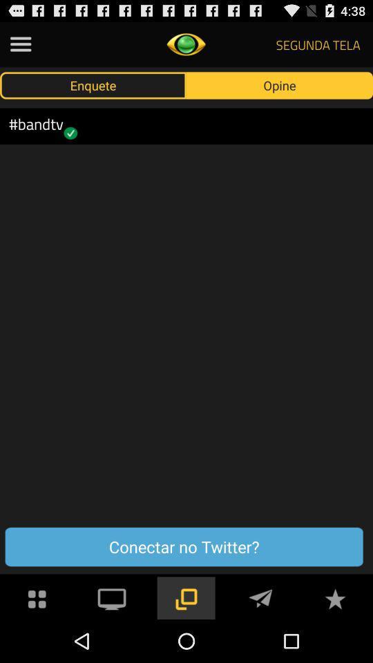 This screenshot has width=373, height=663. I want to click on button to the right of the enquete icon, so click(280, 84).